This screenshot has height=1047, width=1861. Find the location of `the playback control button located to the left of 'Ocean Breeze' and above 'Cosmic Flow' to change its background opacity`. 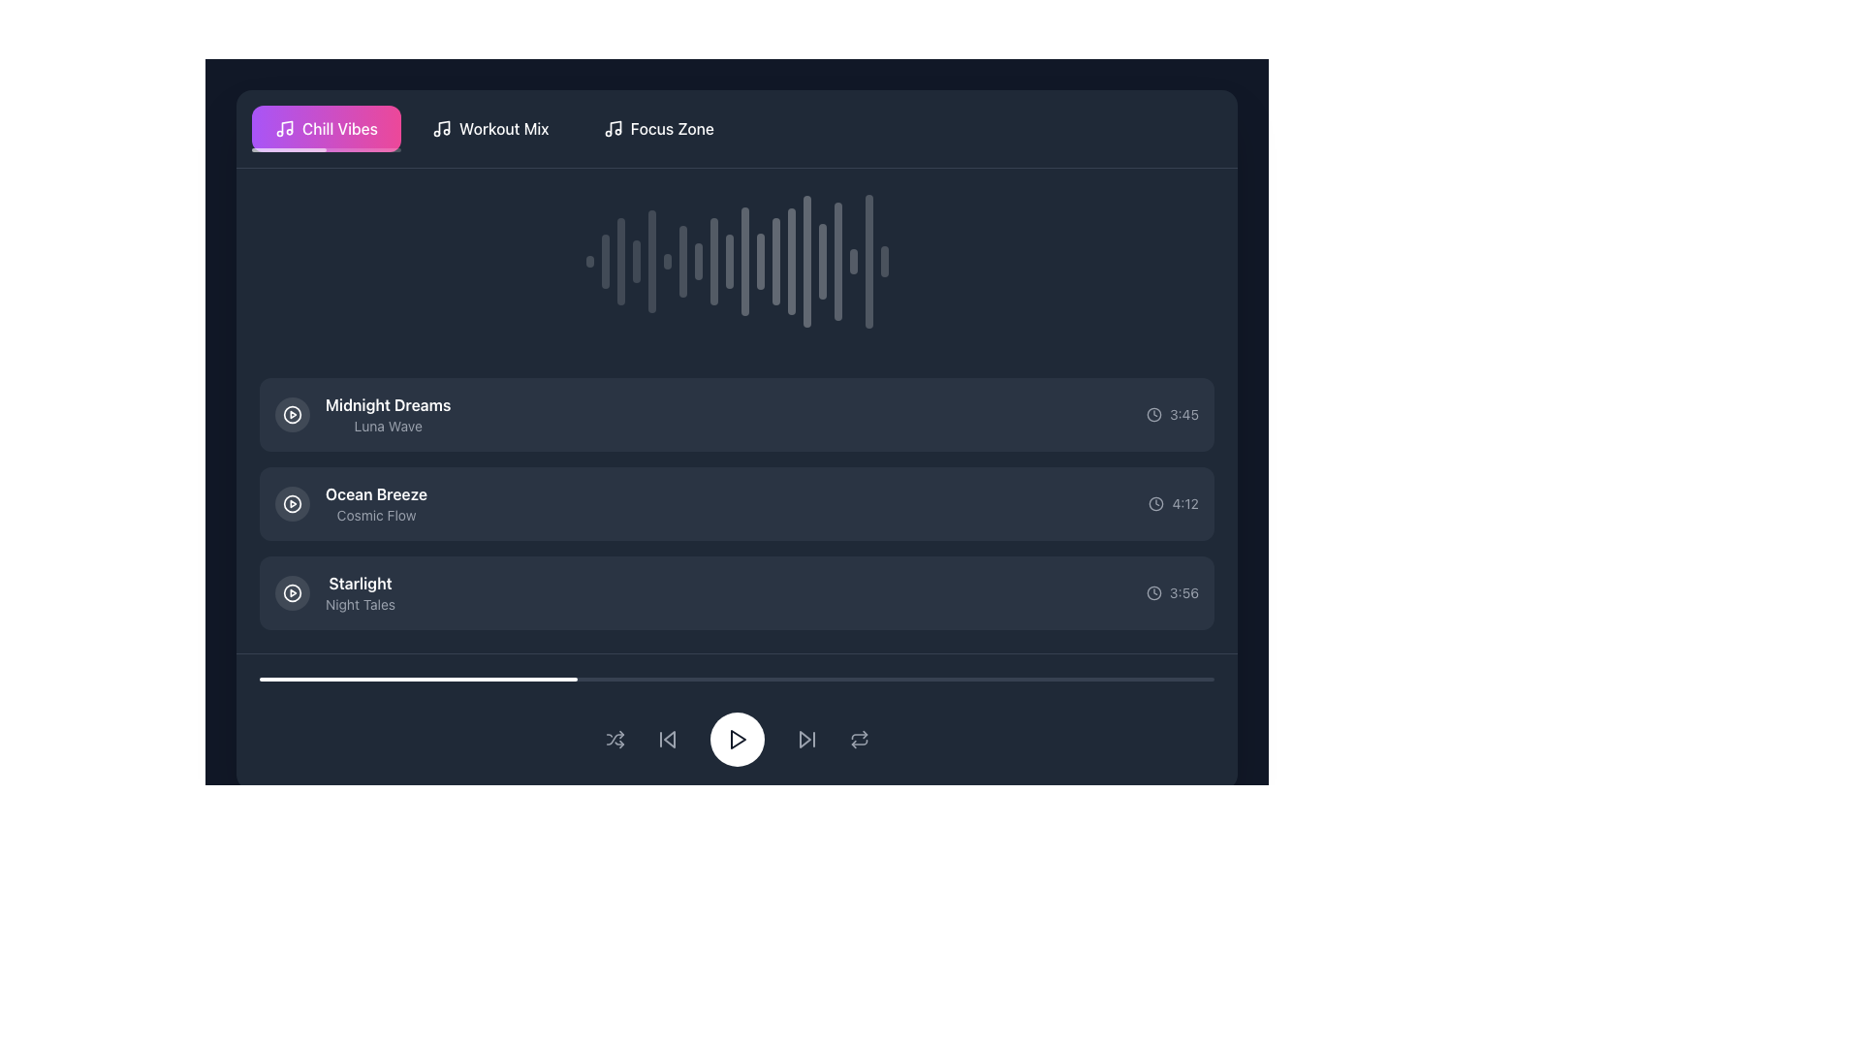

the playback control button located to the left of 'Ocean Breeze' and above 'Cosmic Flow' to change its background opacity is located at coordinates (292, 503).